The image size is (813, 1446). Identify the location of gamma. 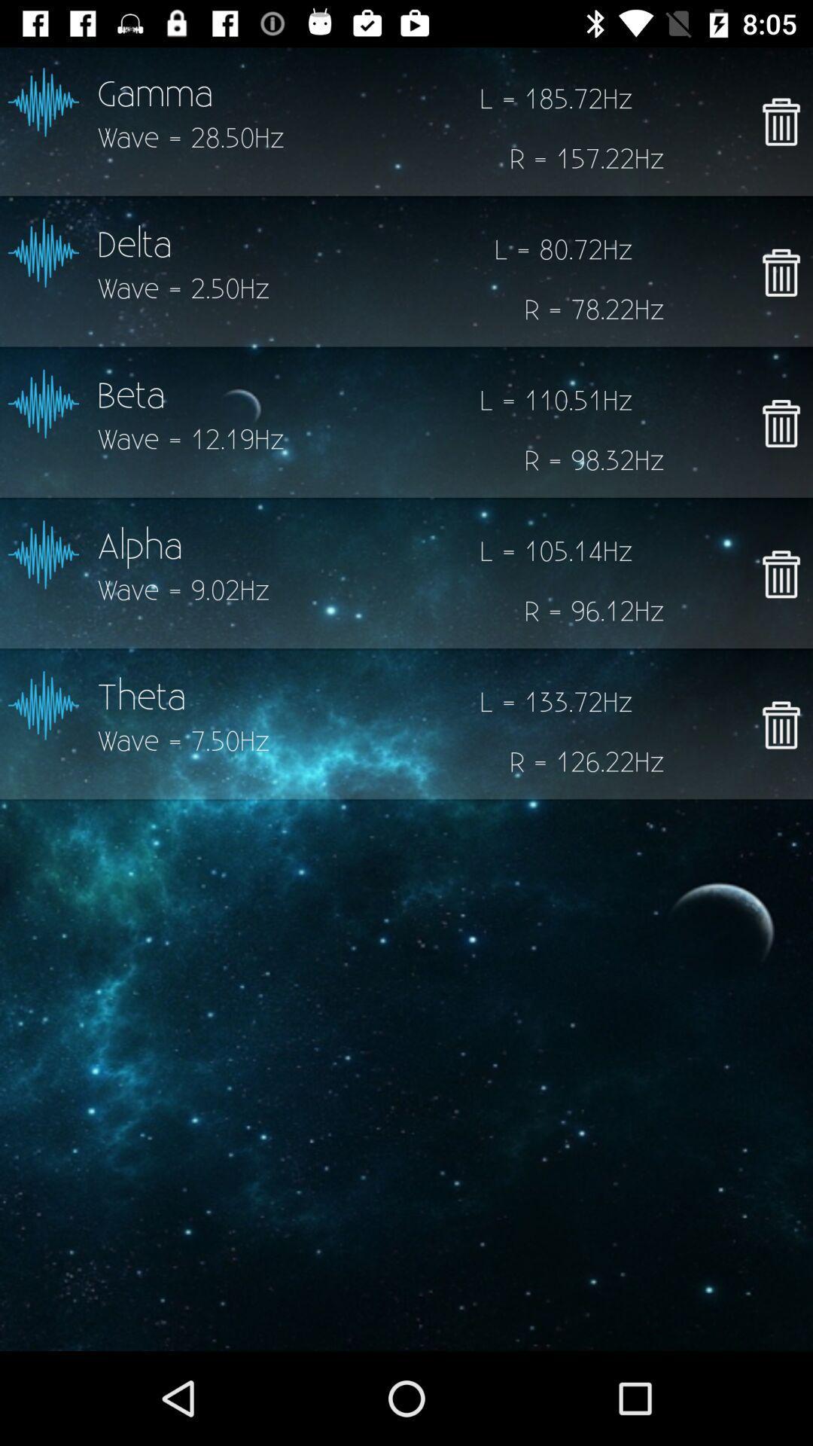
(780, 121).